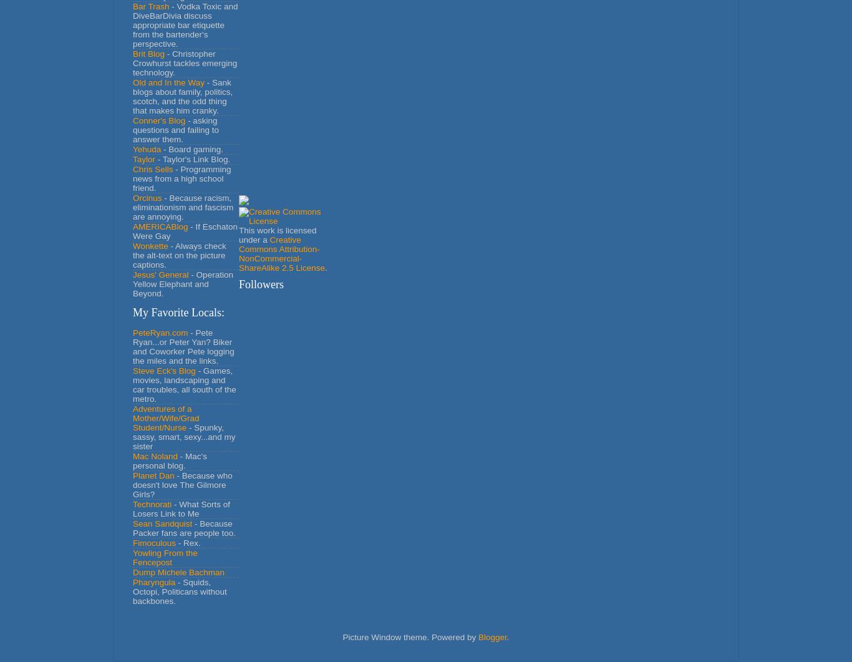  Describe the element at coordinates (183, 346) in the screenshot. I see `'- Pete Ryan...or Peter Yan? Biker and Coworker Pete logging the miles and the links.'` at that location.